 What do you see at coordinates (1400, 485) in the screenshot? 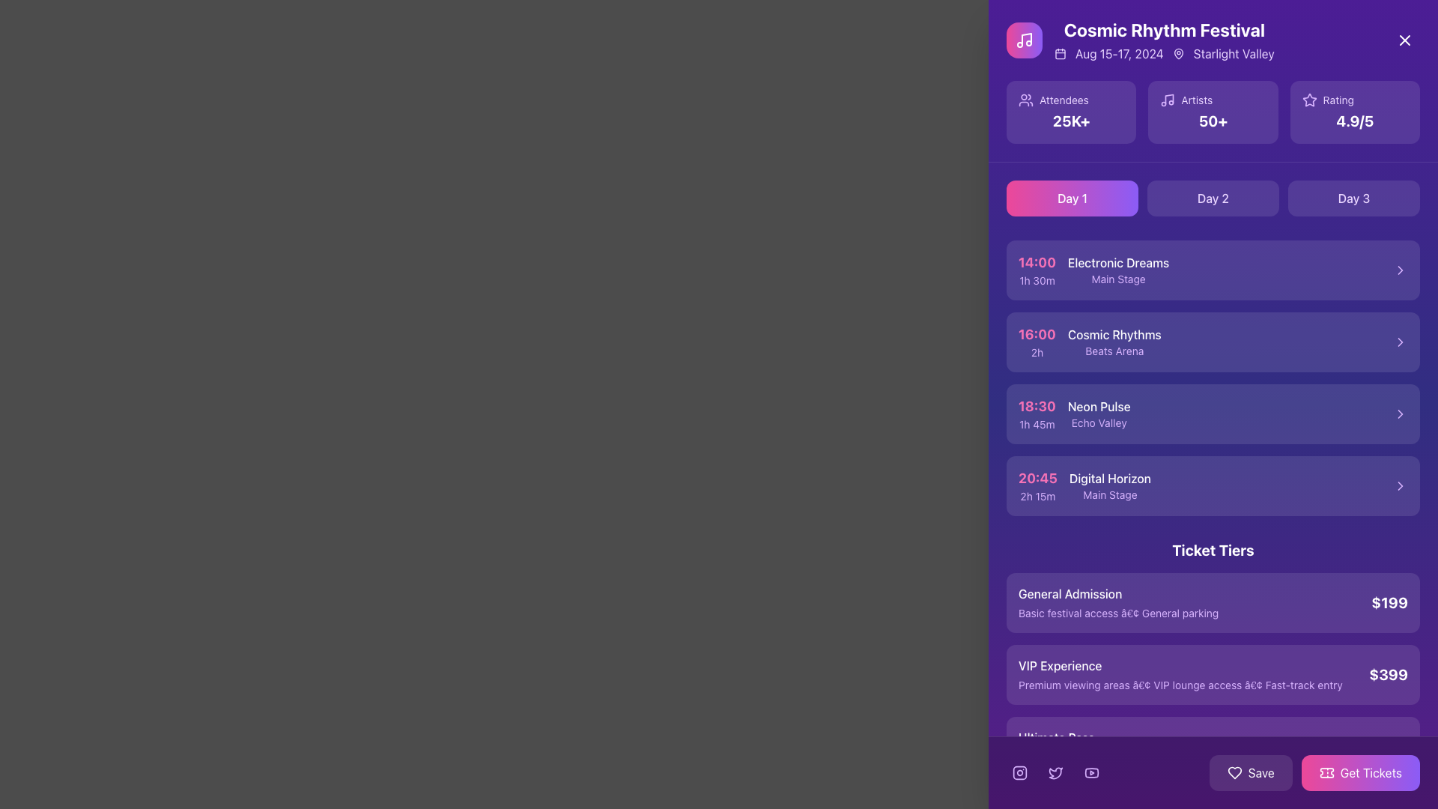
I see `the right-pointing chevron icon styled in purple, located to the far-right of the 'Digital Horizon' event listing` at bounding box center [1400, 485].